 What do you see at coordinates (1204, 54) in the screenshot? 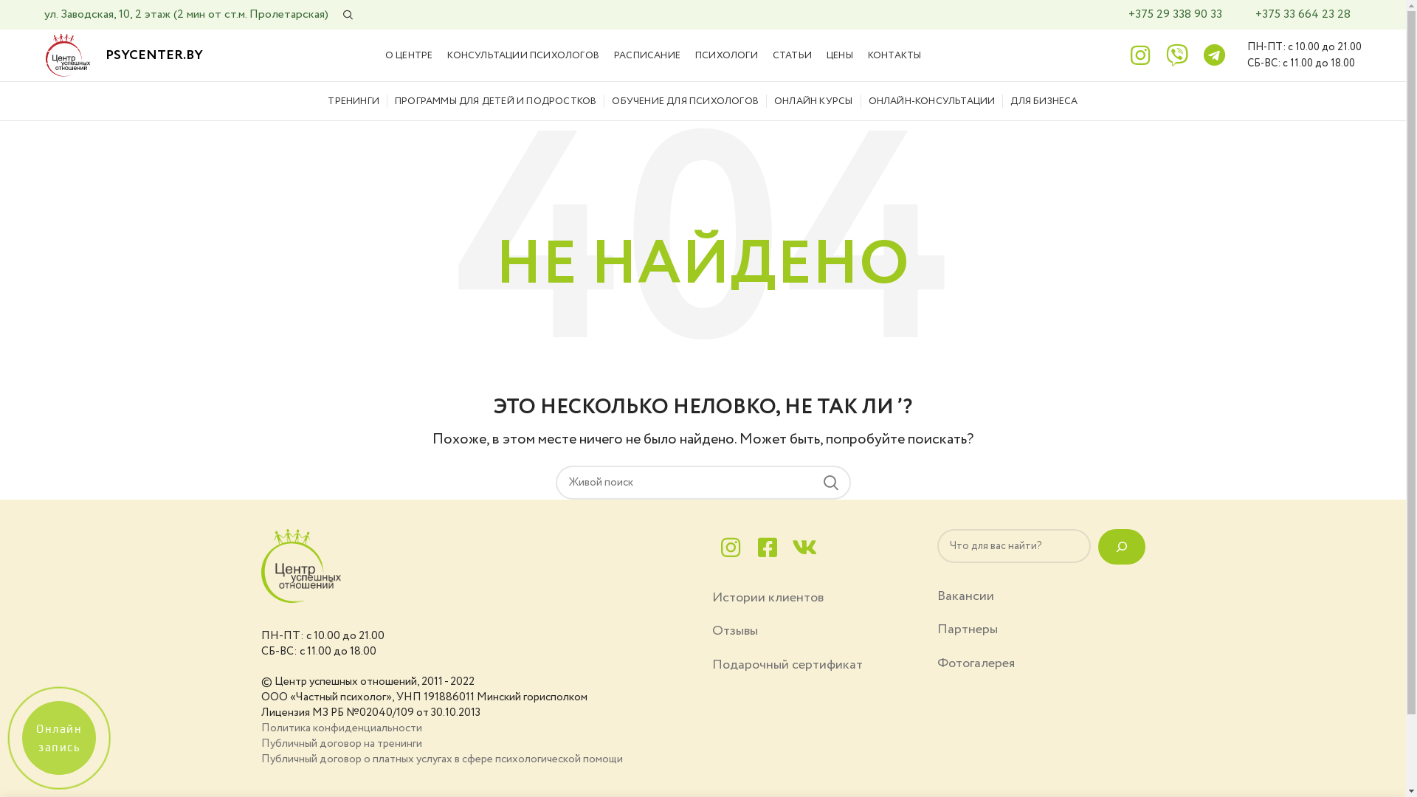
I see `'telegram'` at bounding box center [1204, 54].